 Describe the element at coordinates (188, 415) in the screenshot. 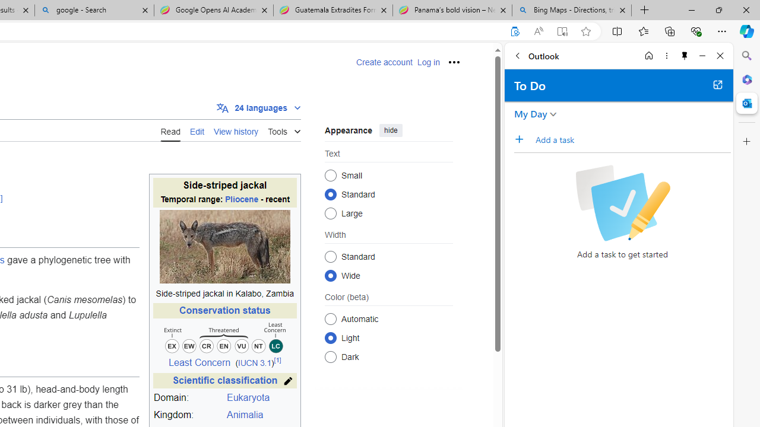

I see `'Kingdom:'` at that location.